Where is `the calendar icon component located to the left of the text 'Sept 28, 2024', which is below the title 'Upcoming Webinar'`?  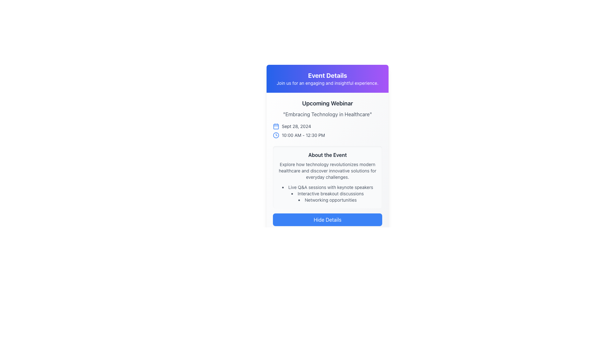
the calendar icon component located to the left of the text 'Sept 28, 2024', which is below the title 'Upcoming Webinar' is located at coordinates (276, 126).